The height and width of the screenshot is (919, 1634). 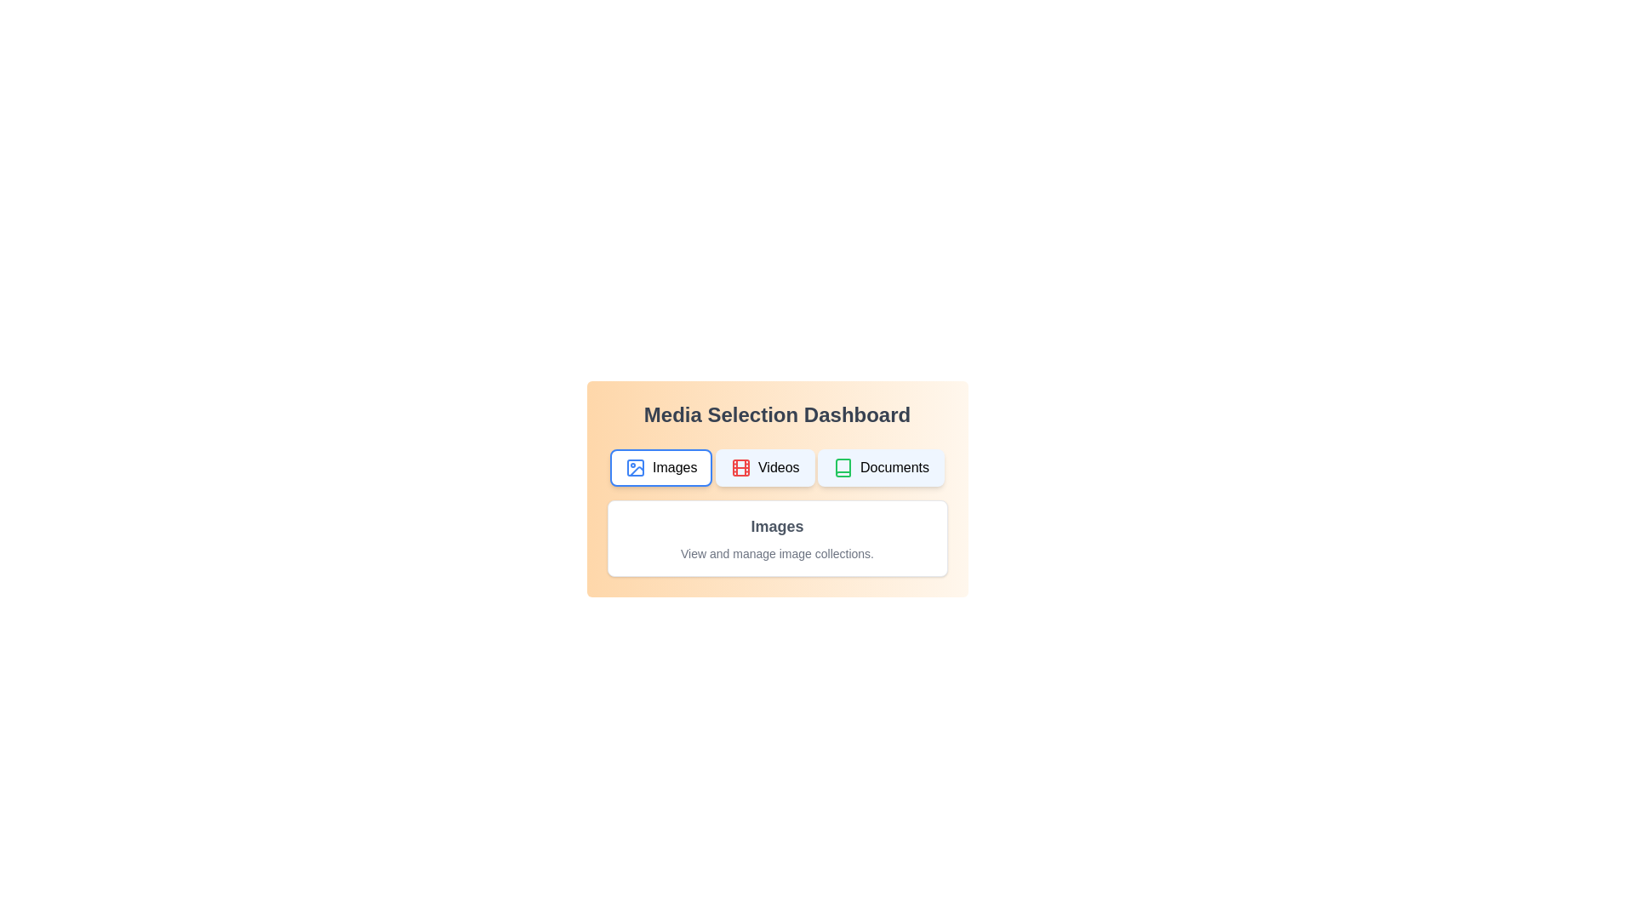 What do you see at coordinates (881, 468) in the screenshot?
I see `the 'Documents' button, which has a light blue background and a green book icon, located in the bottom-right corner of the 'Media Selection Dashboard' interface` at bounding box center [881, 468].